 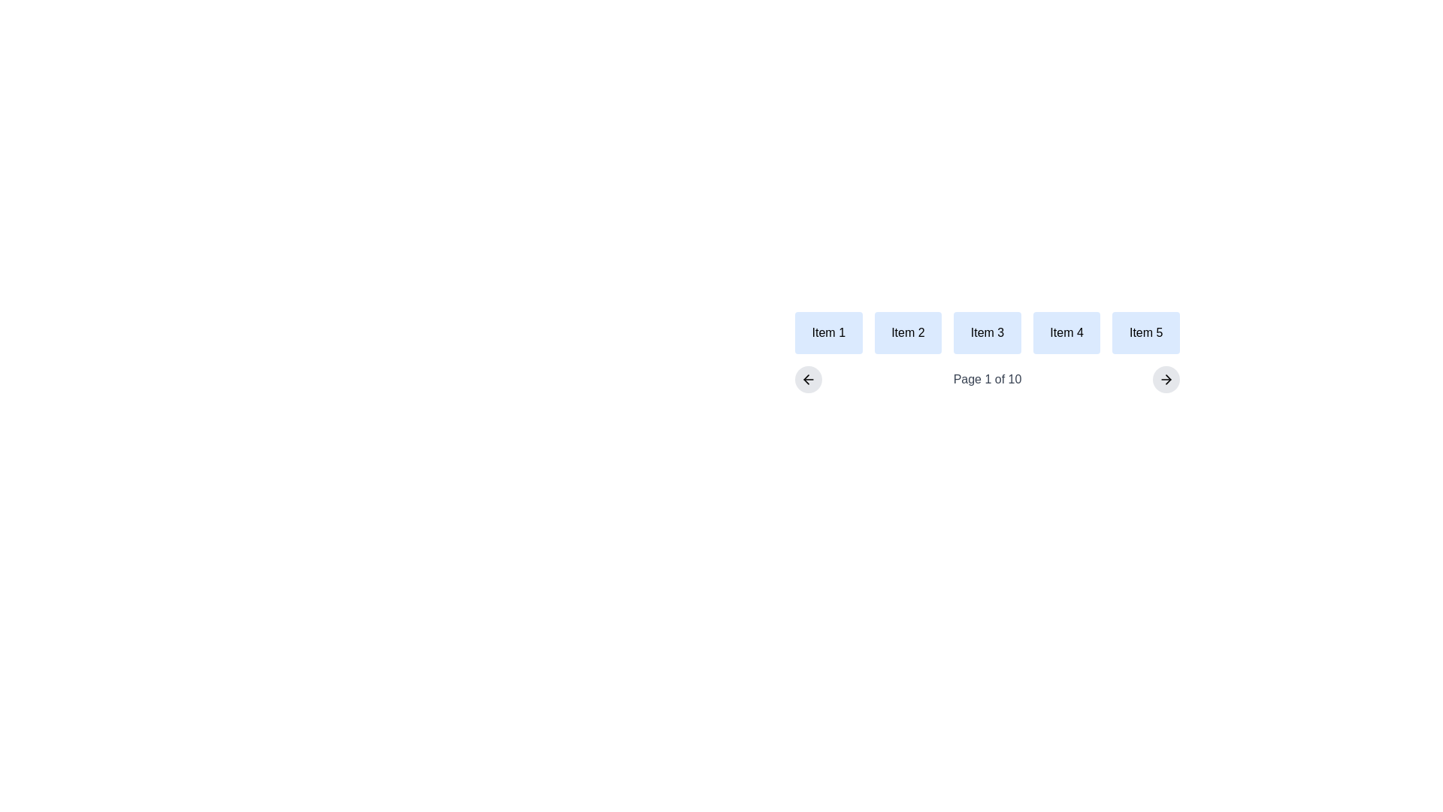 I want to click on the pagination indicator text label displaying 'Page 1 of 10' in gray, which is centered within the pagination control bar at the bottom of the grid layout, so click(x=988, y=379).